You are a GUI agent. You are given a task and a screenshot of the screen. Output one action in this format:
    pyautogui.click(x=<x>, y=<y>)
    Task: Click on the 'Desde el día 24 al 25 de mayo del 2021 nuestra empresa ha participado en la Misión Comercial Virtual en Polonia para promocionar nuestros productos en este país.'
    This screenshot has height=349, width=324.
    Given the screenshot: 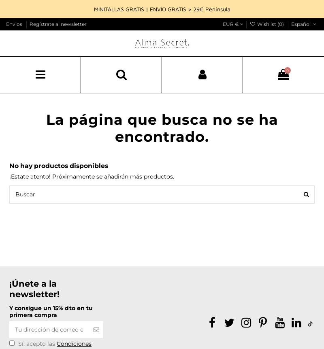 What is the action you would take?
    pyautogui.click(x=75, y=140)
    